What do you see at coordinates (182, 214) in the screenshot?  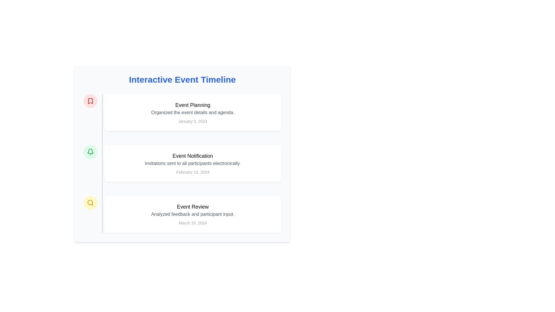 I see `the Informative card located at the bottom of the vertical list, below 'Event Planning' and 'Event Notification'` at bounding box center [182, 214].